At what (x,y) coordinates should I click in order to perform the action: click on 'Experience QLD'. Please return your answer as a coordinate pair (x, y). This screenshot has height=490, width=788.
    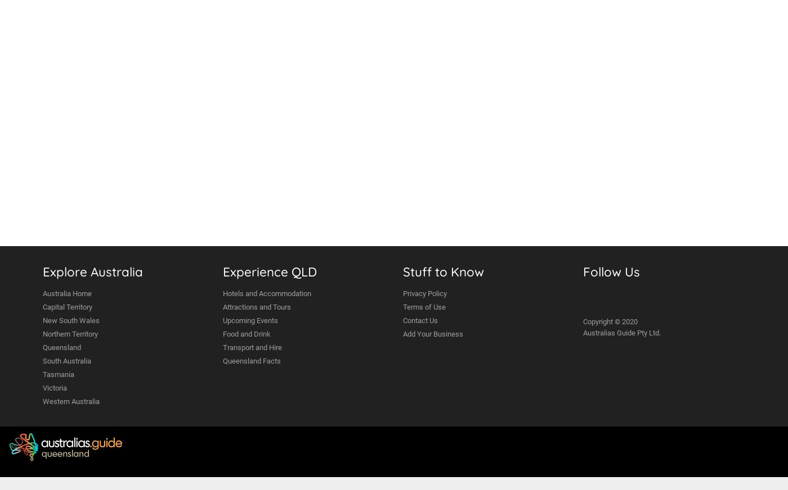
    Looking at the image, I should click on (270, 271).